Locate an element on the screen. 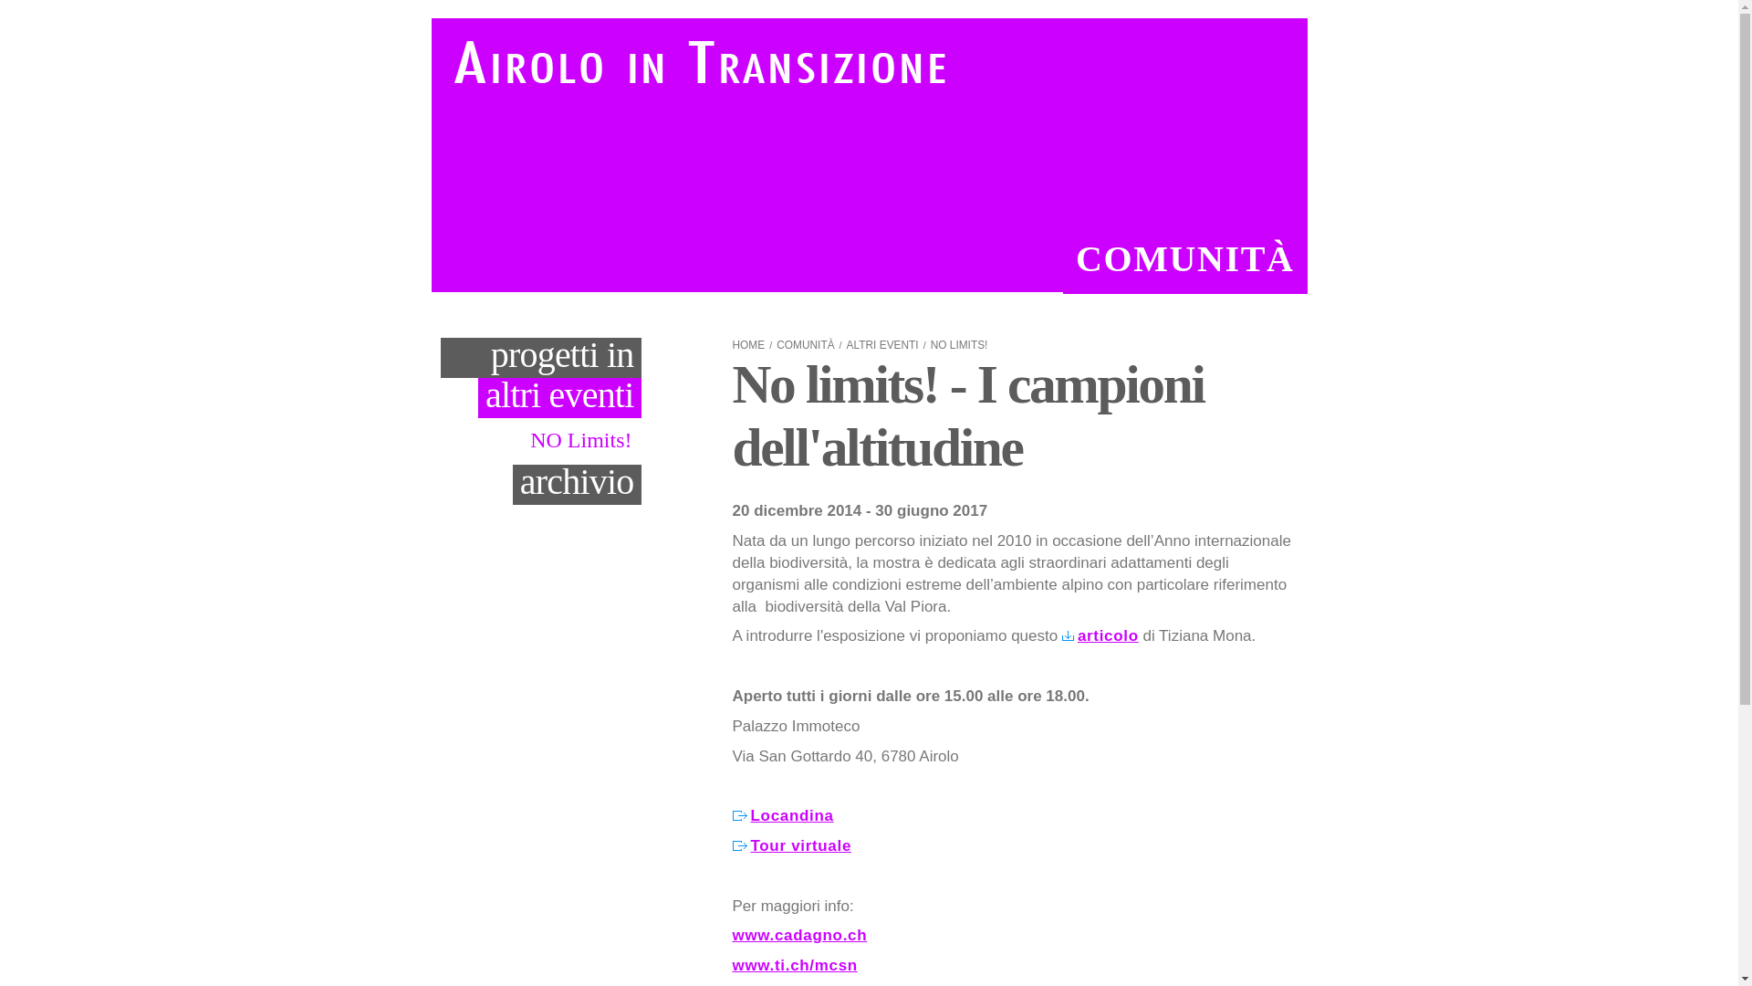 This screenshot has width=1752, height=986. 'NO Limits!' is located at coordinates (585, 440).